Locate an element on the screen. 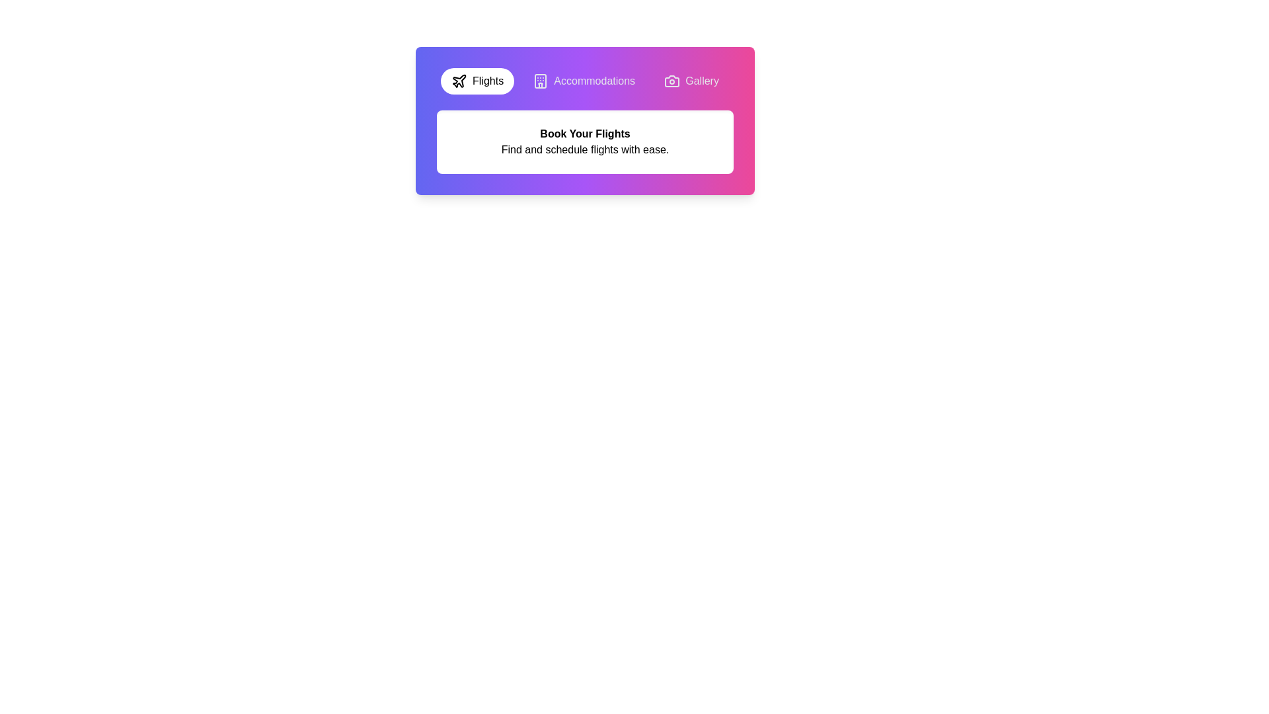 Image resolution: width=1269 pixels, height=714 pixels. the Flights tab is located at coordinates (476, 81).